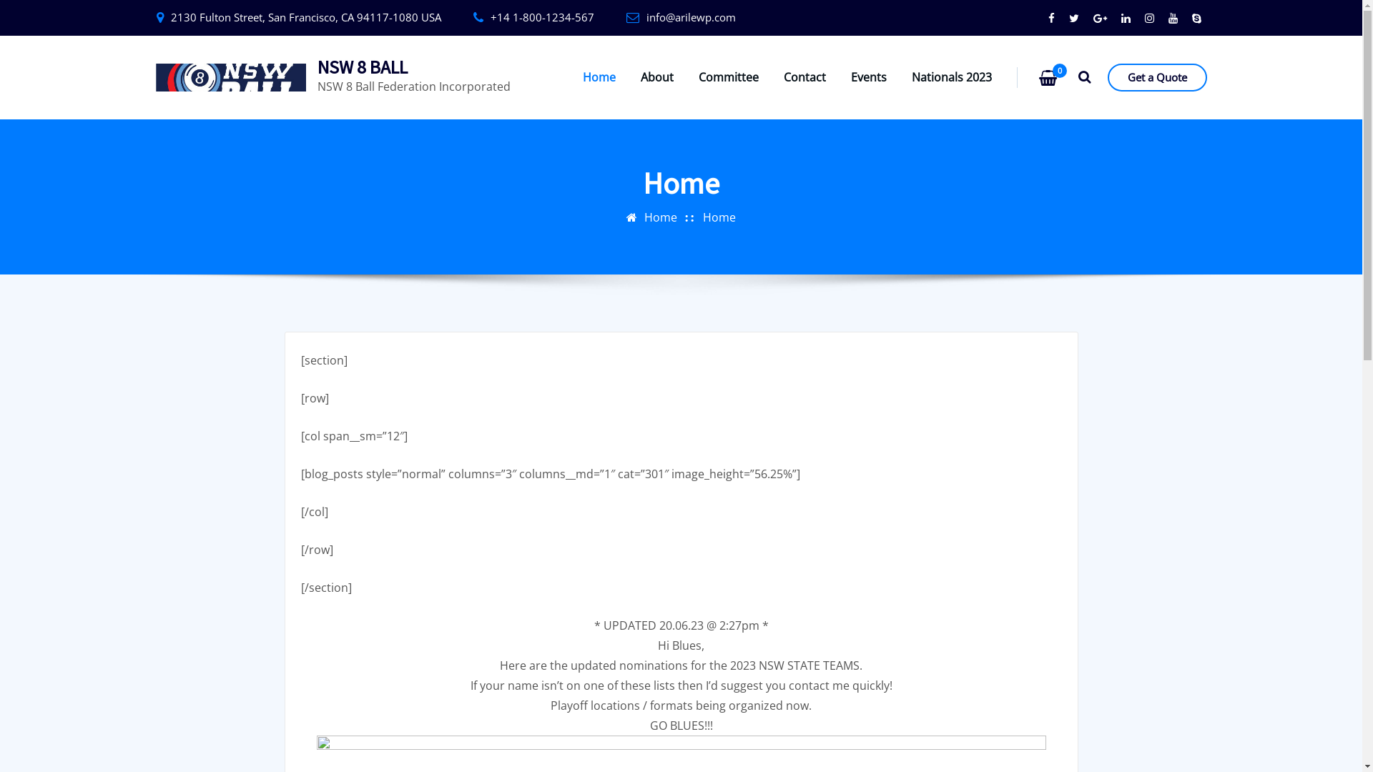 The height and width of the screenshot is (772, 1373). I want to click on 'Home', so click(660, 217).